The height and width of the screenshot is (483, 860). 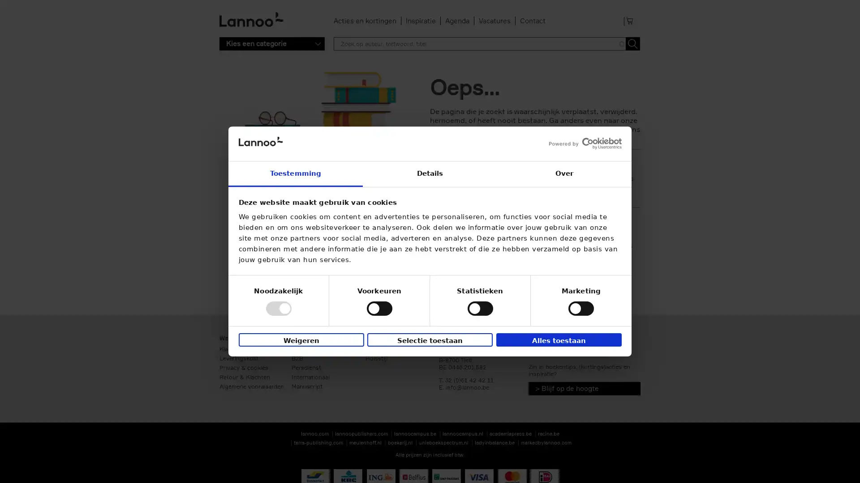 I want to click on Alles toestaan, so click(x=558, y=339).